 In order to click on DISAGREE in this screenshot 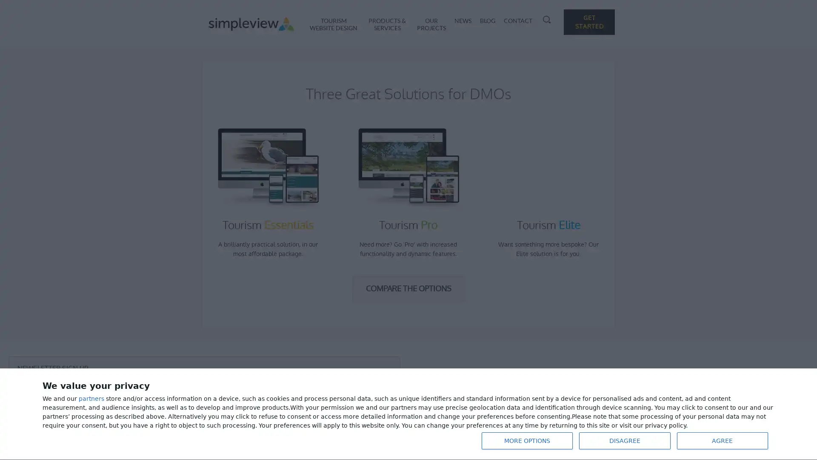, I will do `click(625, 440)`.